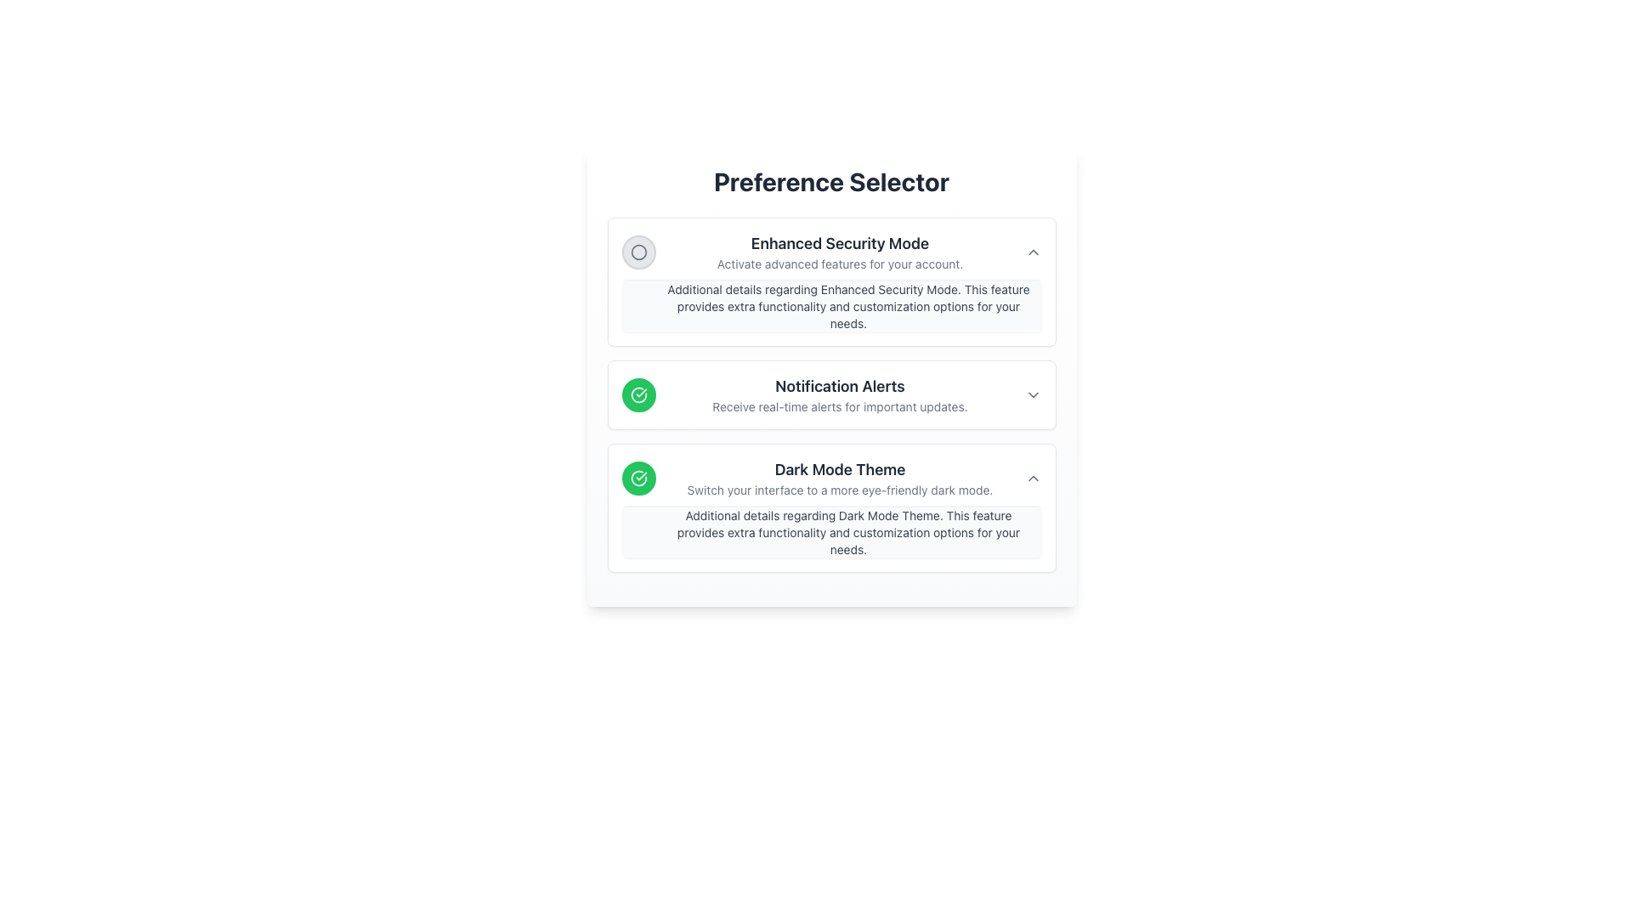  What do you see at coordinates (840, 243) in the screenshot?
I see `the bold text label 'Enhanced Security Mode' which is prominently displayed in large dark gray font as part of the 'Preference Selector' interface` at bounding box center [840, 243].